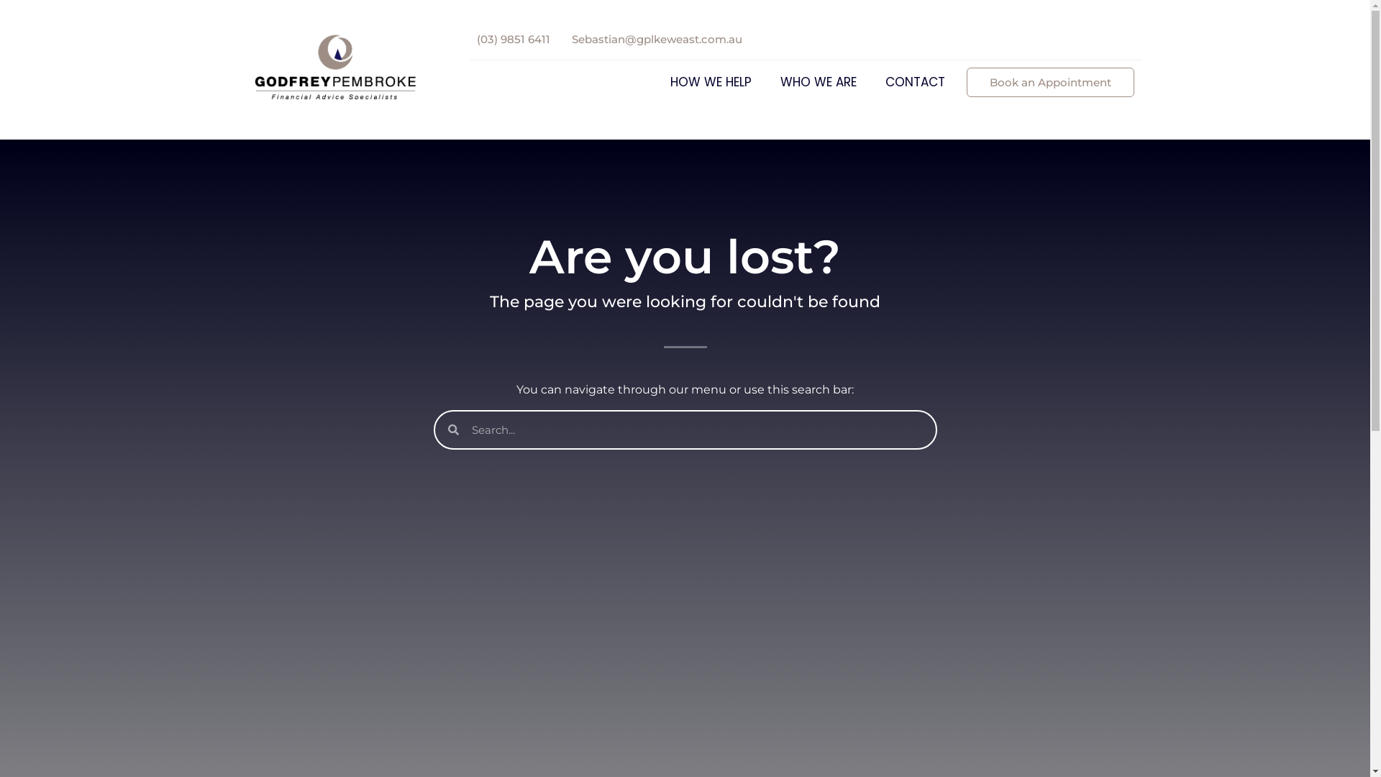 The image size is (1381, 777). I want to click on 'Sebastian@gplkeweast.com.au', so click(655, 38).